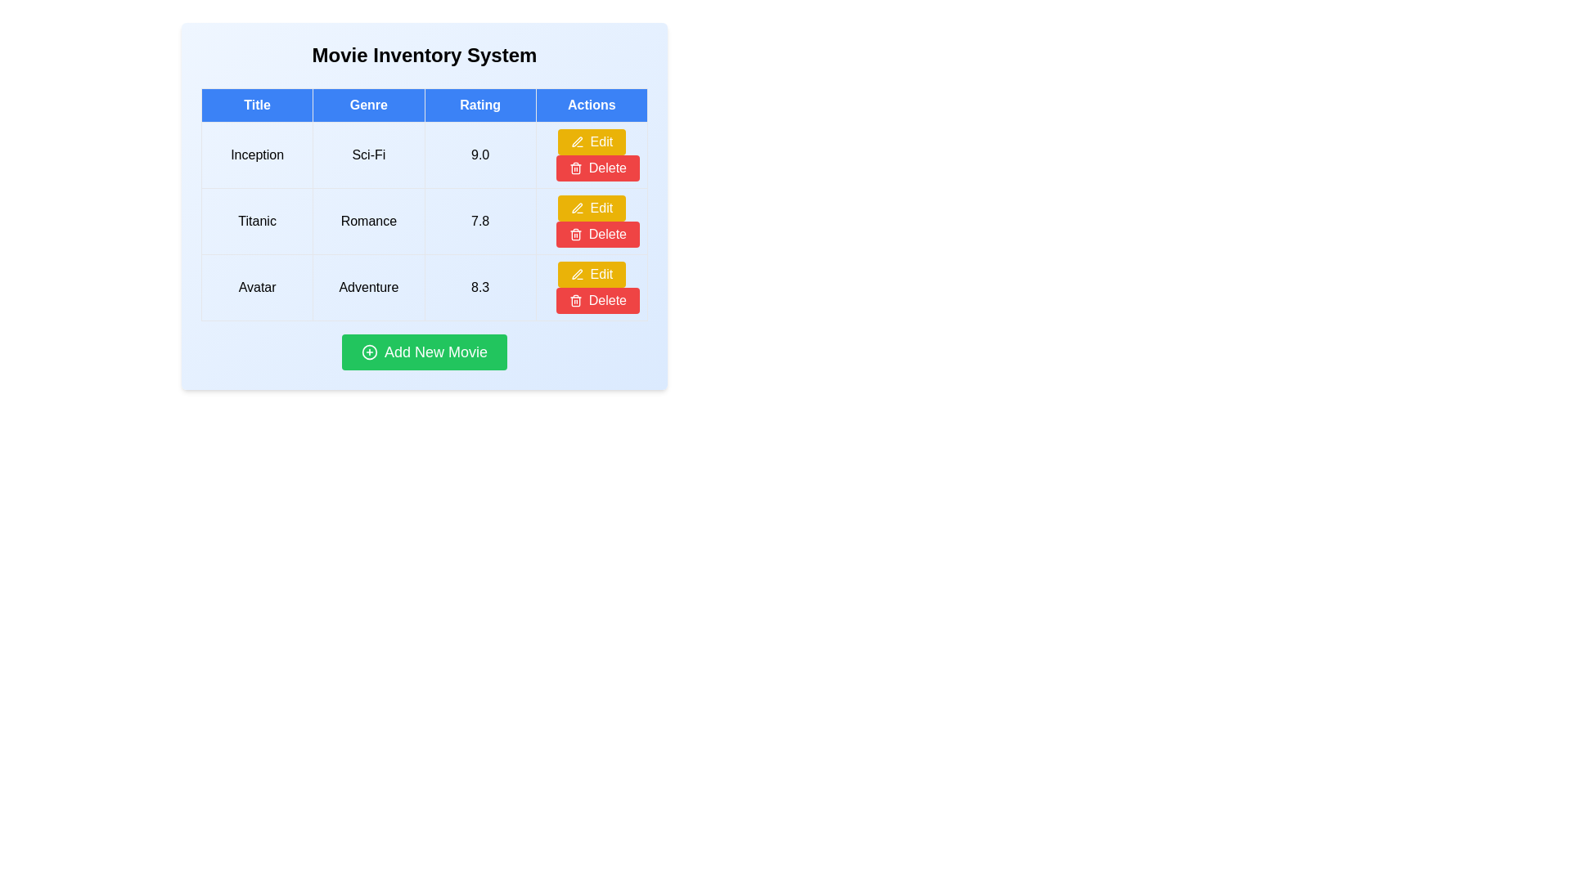  Describe the element at coordinates (577, 141) in the screenshot. I see `the pen icon within the 'Edit' button located in the 'Actions' column of the first row of the table` at that location.